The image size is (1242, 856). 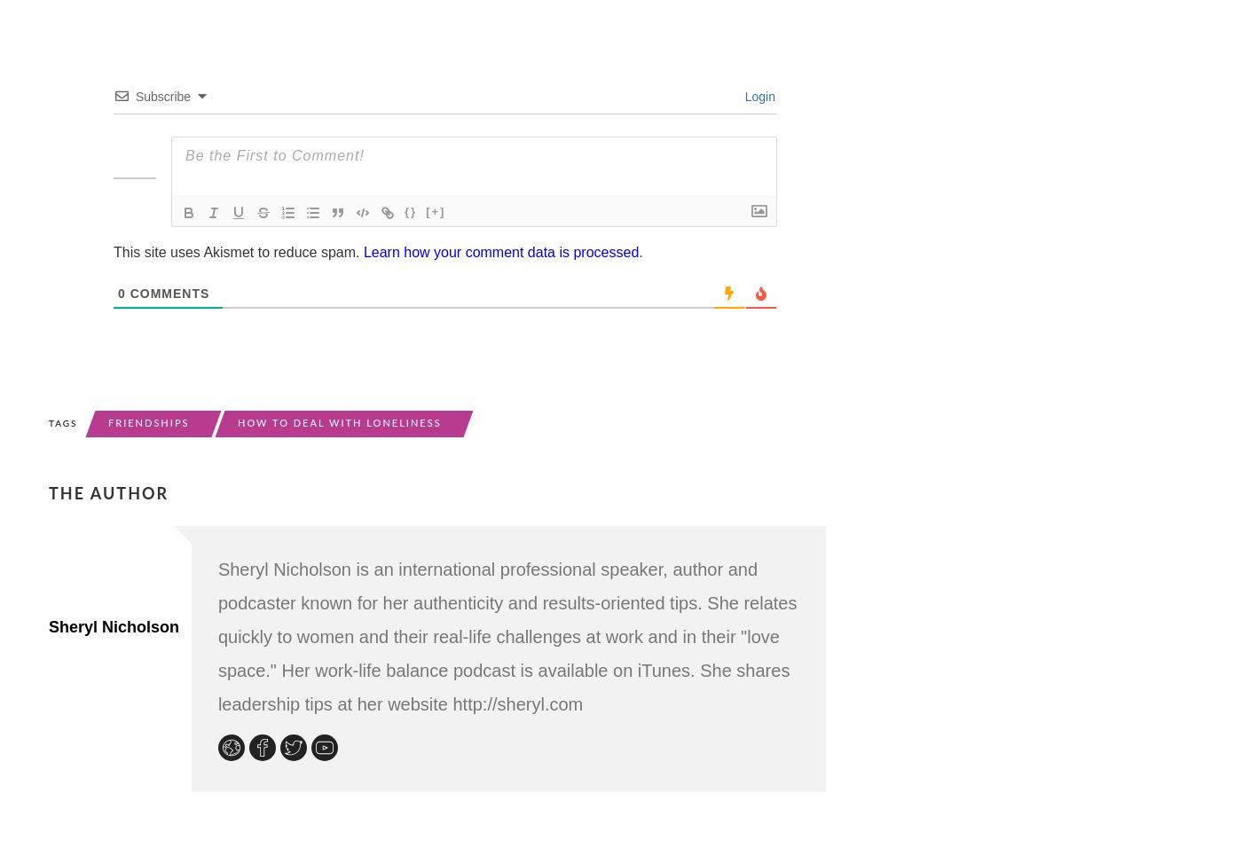 I want to click on '[+]', so click(x=434, y=209).